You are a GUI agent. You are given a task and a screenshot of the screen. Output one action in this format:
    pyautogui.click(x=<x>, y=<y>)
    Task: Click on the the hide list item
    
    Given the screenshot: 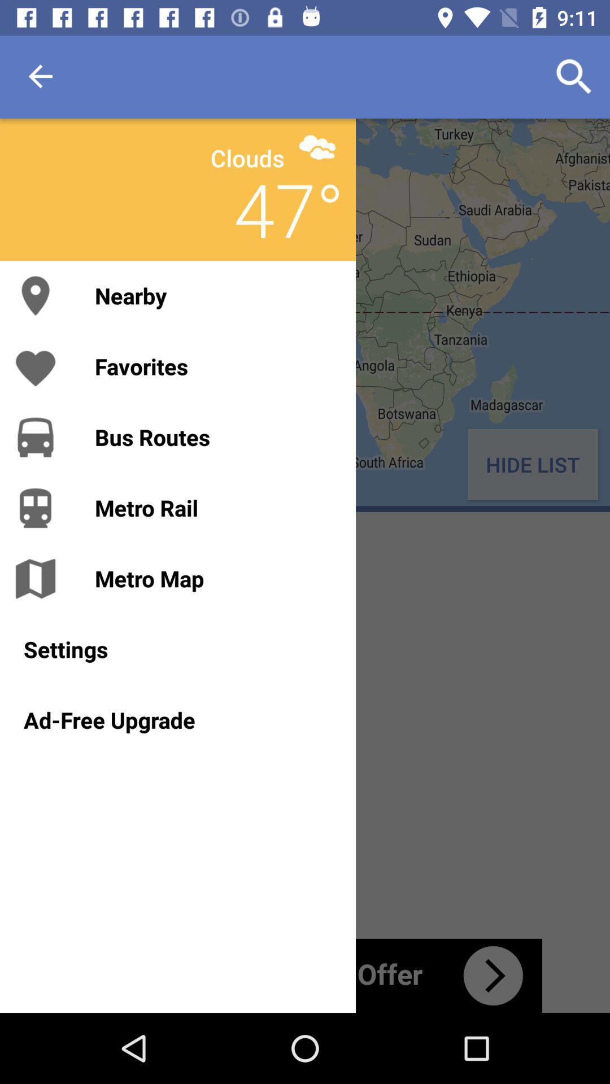 What is the action you would take?
    pyautogui.click(x=533, y=464)
    